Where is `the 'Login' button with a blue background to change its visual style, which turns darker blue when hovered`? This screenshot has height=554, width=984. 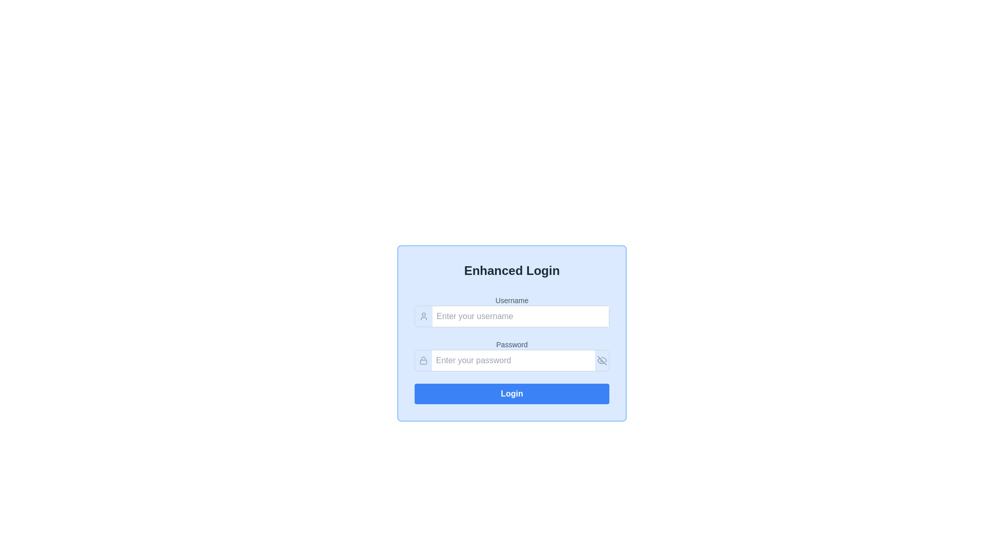 the 'Login' button with a blue background to change its visual style, which turns darker blue when hovered is located at coordinates (511, 393).